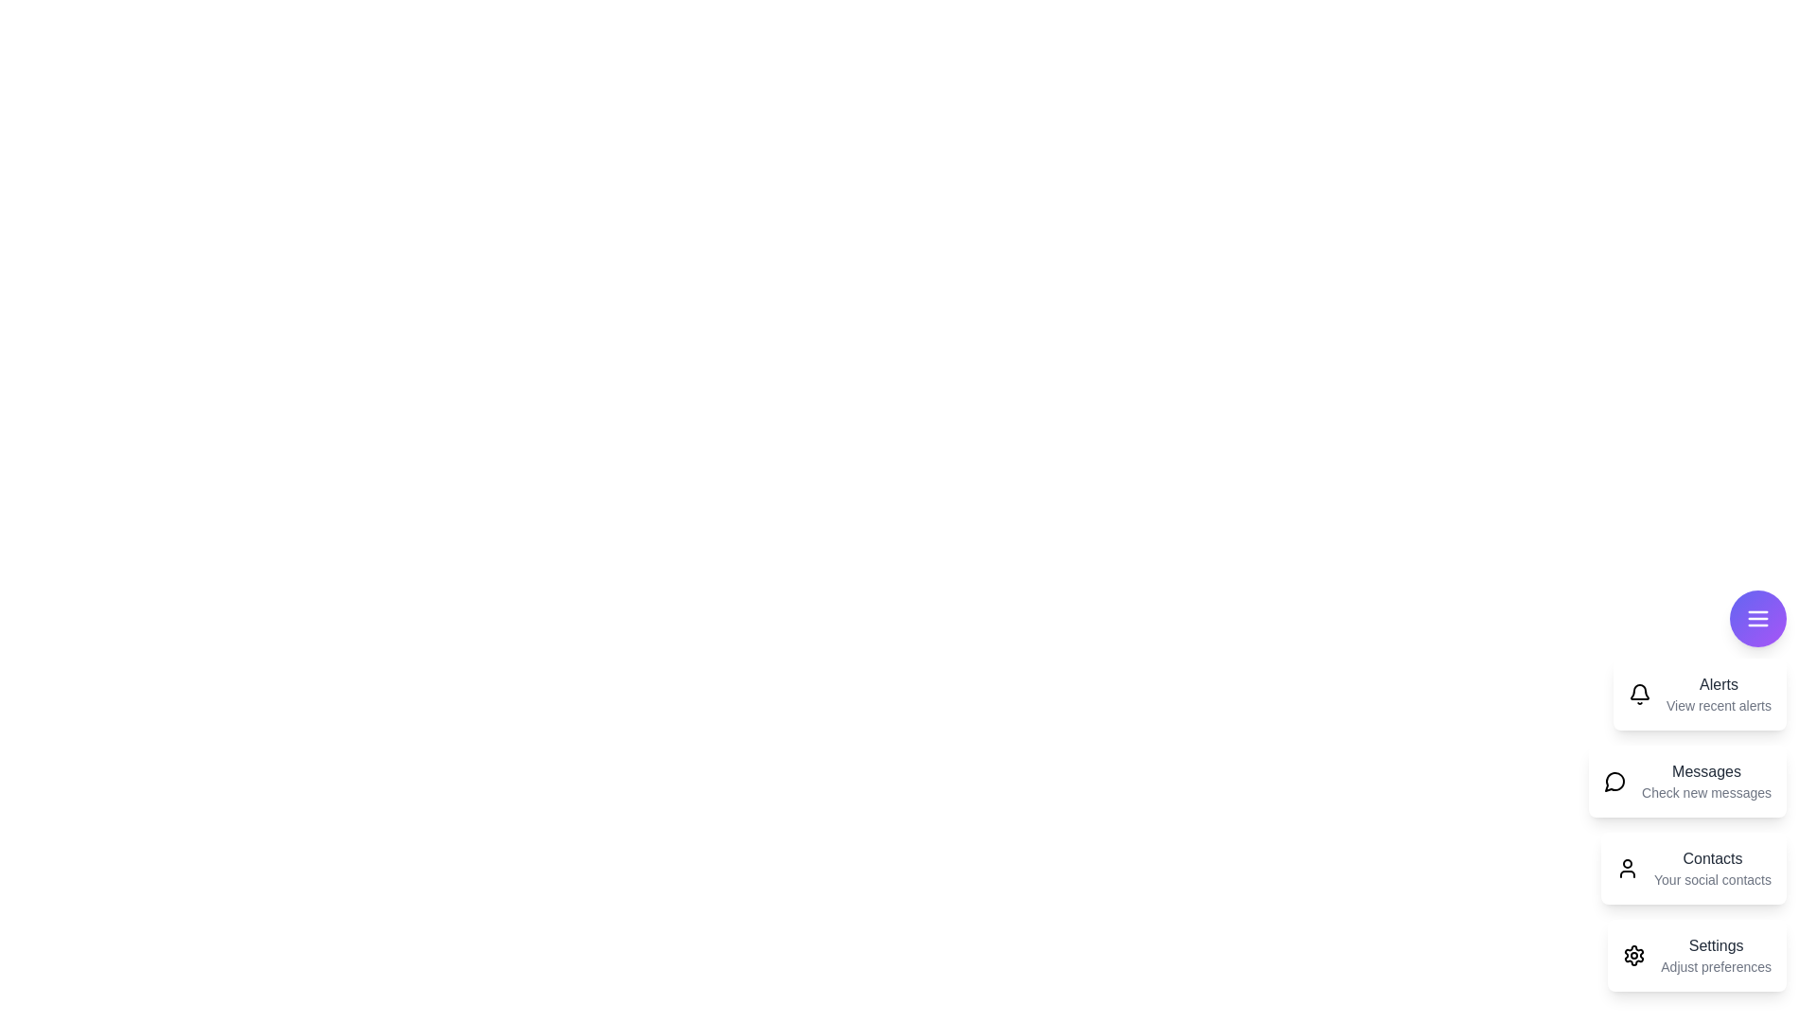 The height and width of the screenshot is (1022, 1817). I want to click on floating button to toggle the main menu, so click(1756, 619).